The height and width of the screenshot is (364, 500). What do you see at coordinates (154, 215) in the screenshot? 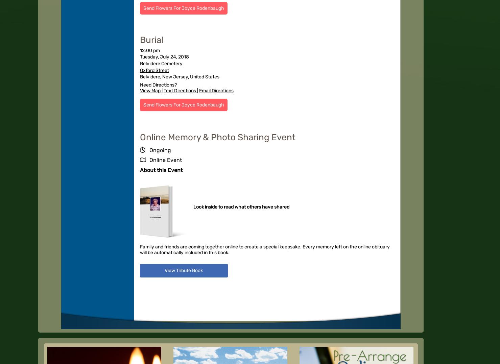
I see `'In Loving Memory'` at bounding box center [154, 215].